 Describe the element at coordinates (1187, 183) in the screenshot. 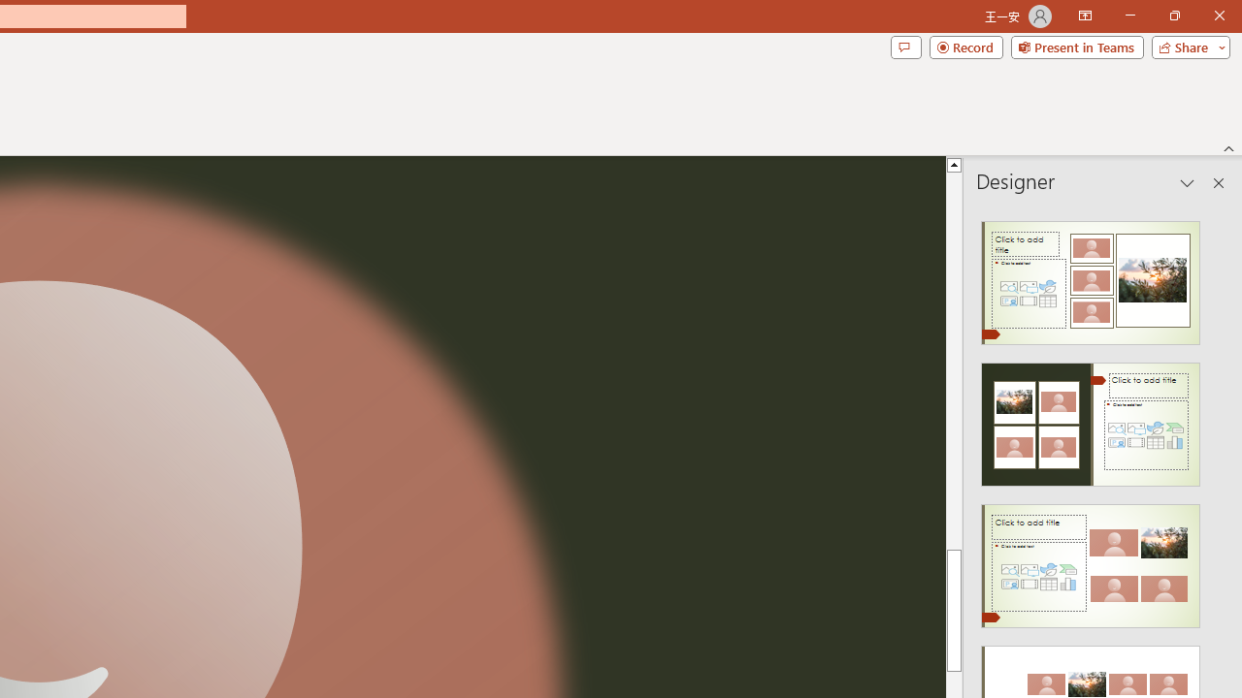

I see `'Task Pane Options'` at that location.